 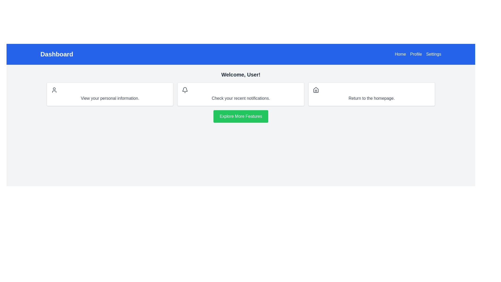 What do you see at coordinates (434, 54) in the screenshot?
I see `the 'Settings' hyperlink located in the top-right corner of the blue navigation bar` at bounding box center [434, 54].